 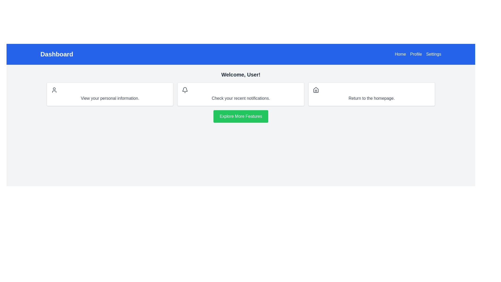 What do you see at coordinates (434, 54) in the screenshot?
I see `the 'Settings' hyperlink located in the top-right corner of the blue navigation bar` at bounding box center [434, 54].